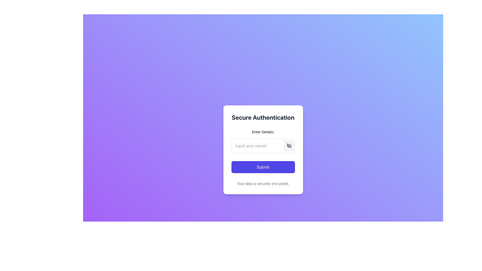  What do you see at coordinates (263, 184) in the screenshot?
I see `the informational text that says 'Your data is securely encrypted.' positioned at the bottom of the card below the 'Submit' button` at bounding box center [263, 184].